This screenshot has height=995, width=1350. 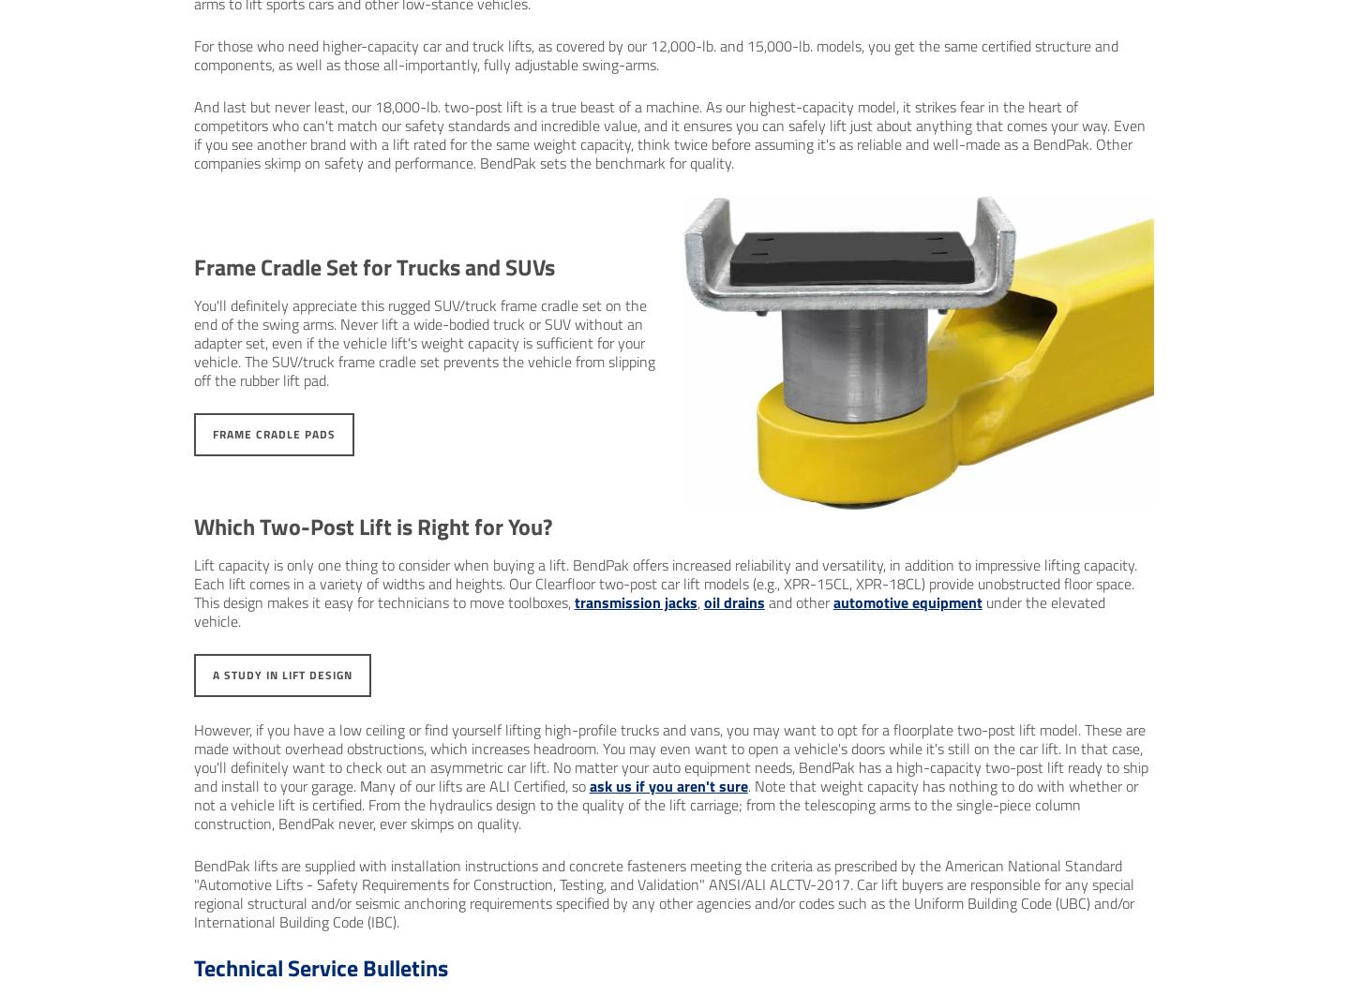 I want to click on 'BendPak lifts are supplied with installation instructions and concrete fasteners meeting the criteria as prescribed by the American National Standard "Automotive Lifts - Safety Requirements for Construction, Testing, and Validation" ANSI/ALI ALCTV-201​7. Car lift buyers are responsible for any special regional structural and/or seismic anchoring requirements specified by any other agencies and/or codes such as the Uniform Building Code (UBC) and/or International Building Code (IBC).', so click(x=193, y=892).